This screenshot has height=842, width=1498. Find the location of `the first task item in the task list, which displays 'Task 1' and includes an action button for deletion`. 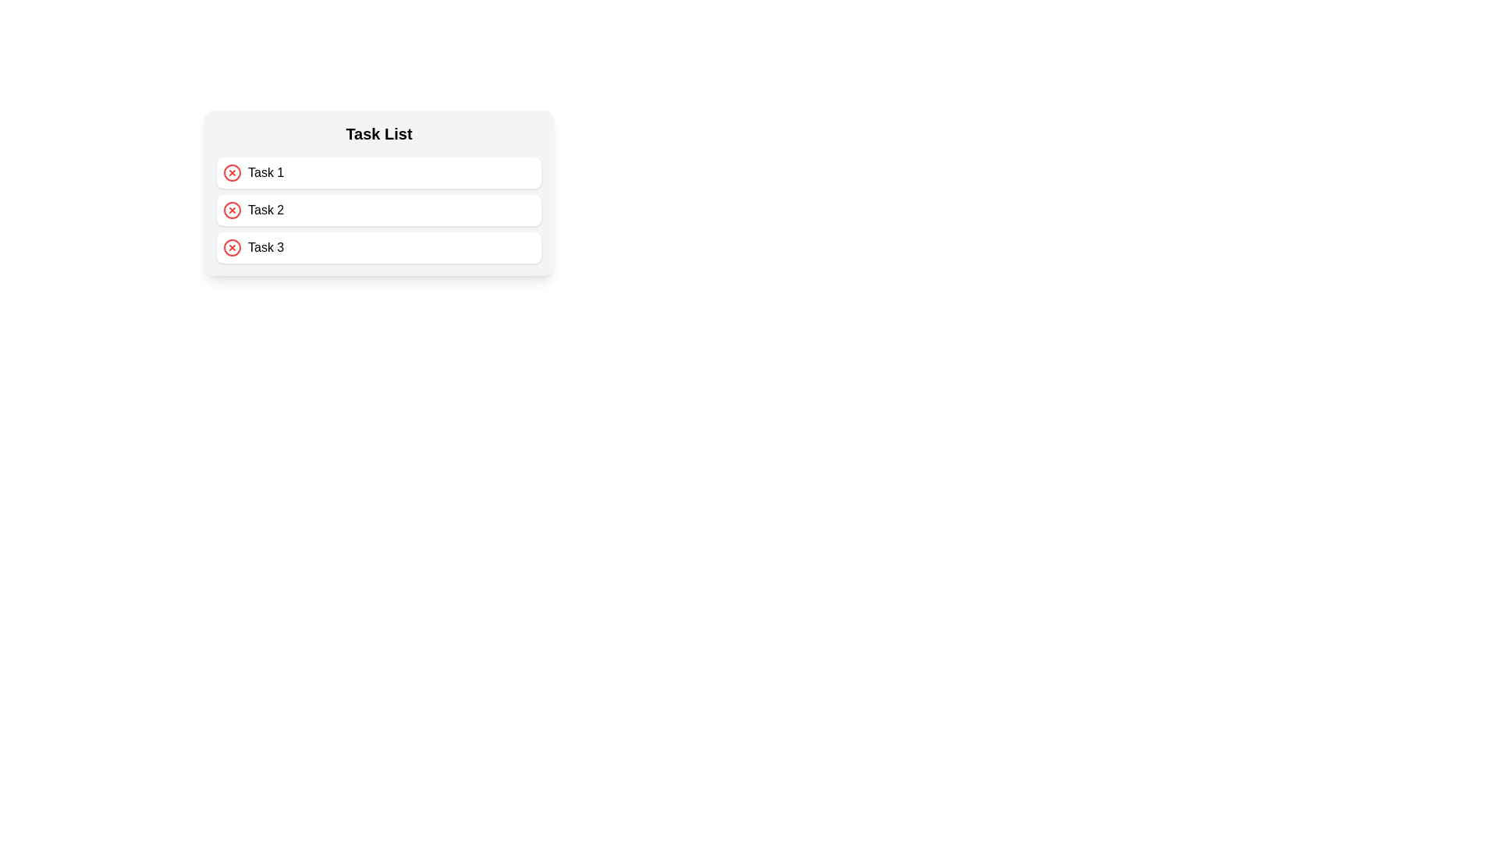

the first task item in the task list, which displays 'Task 1' and includes an action button for deletion is located at coordinates (378, 173).